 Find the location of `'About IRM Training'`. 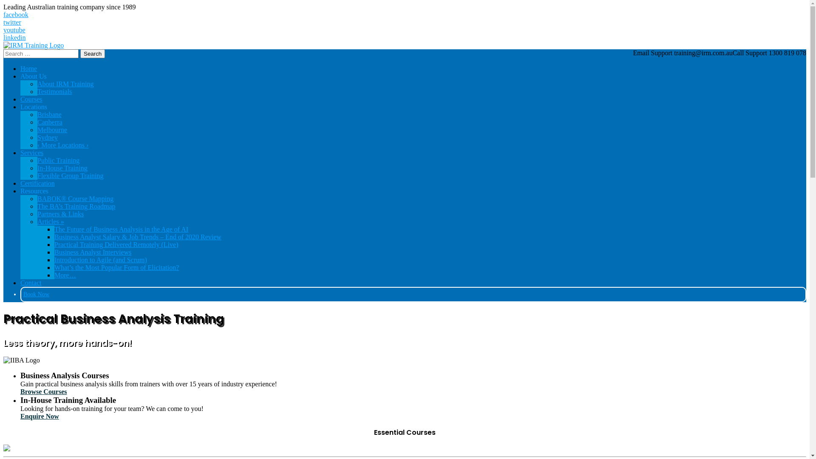

'About IRM Training' is located at coordinates (65, 84).